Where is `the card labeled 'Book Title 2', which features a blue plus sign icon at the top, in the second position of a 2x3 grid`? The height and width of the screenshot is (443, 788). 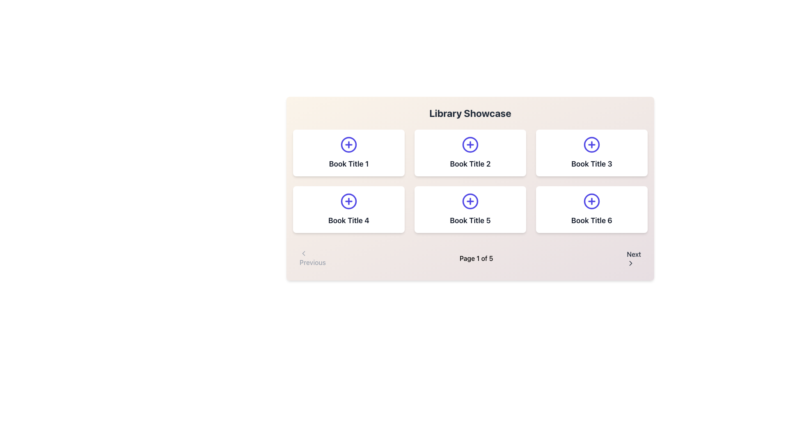
the card labeled 'Book Title 2', which features a blue plus sign icon at the top, in the second position of a 2x3 grid is located at coordinates (470, 153).